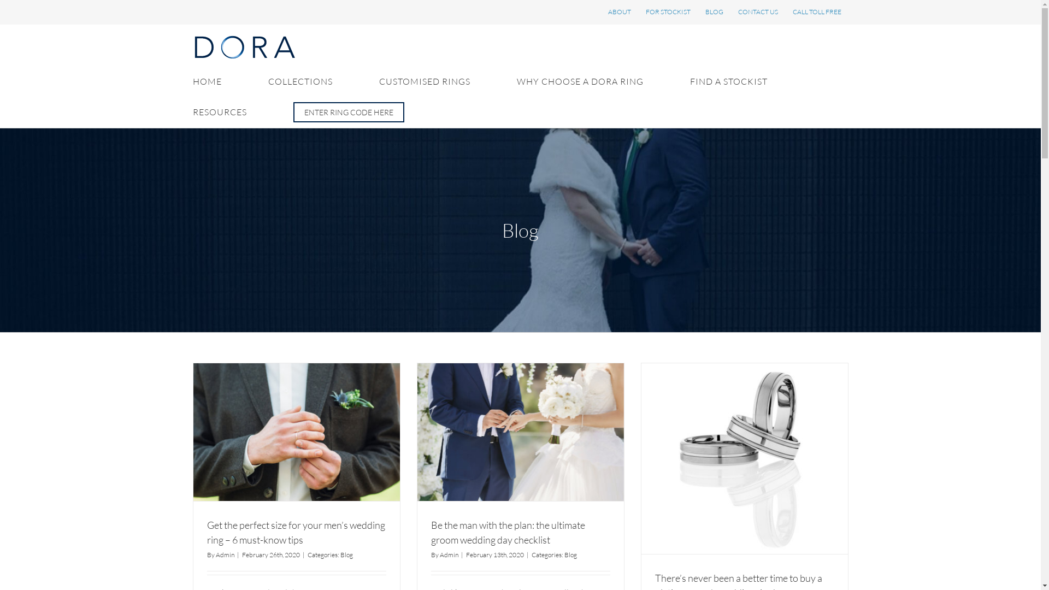 The width and height of the screenshot is (1049, 590). I want to click on 'ABOUT', so click(600, 12).